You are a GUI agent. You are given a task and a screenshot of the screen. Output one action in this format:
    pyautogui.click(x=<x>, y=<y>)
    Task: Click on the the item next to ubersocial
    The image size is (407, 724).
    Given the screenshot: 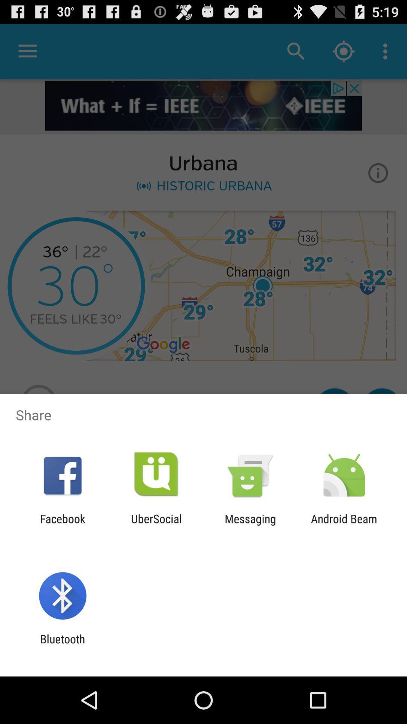 What is the action you would take?
    pyautogui.click(x=62, y=525)
    